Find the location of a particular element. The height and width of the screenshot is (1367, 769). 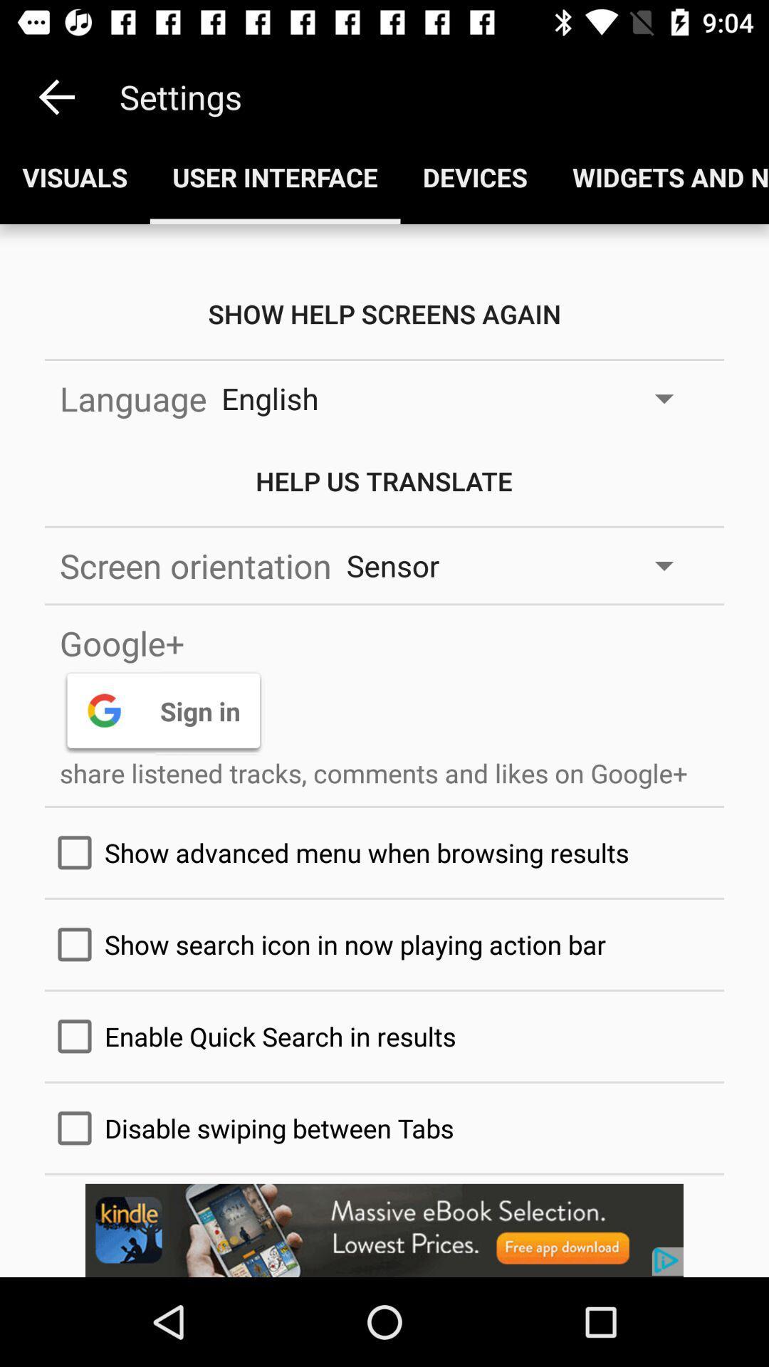

advertising area is located at coordinates (384, 1230).